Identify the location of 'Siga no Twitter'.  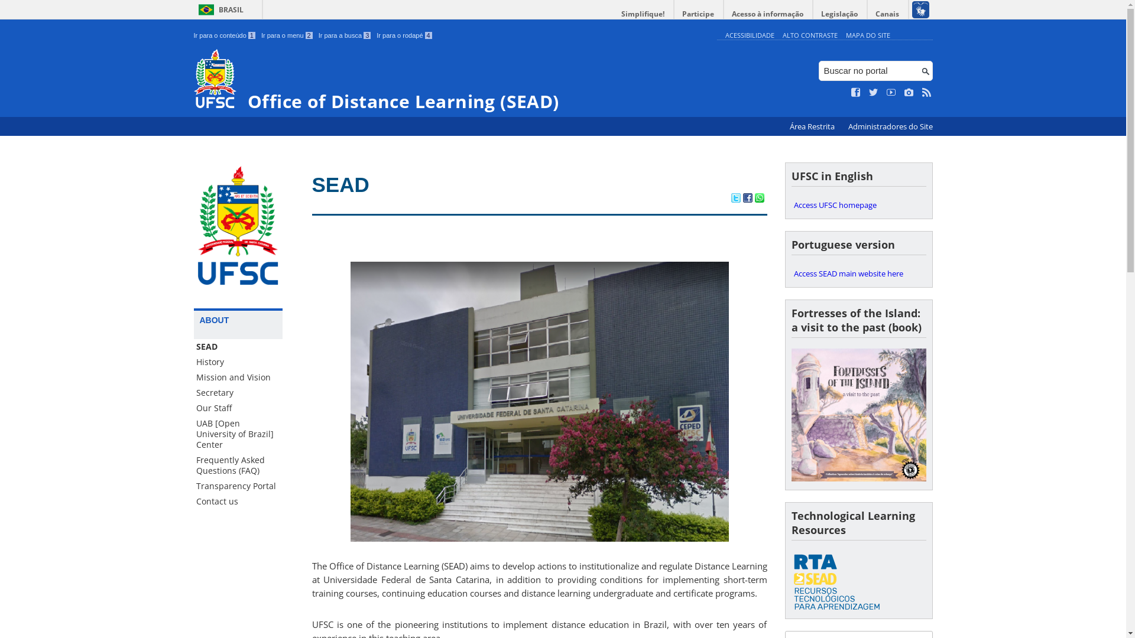
(874, 92).